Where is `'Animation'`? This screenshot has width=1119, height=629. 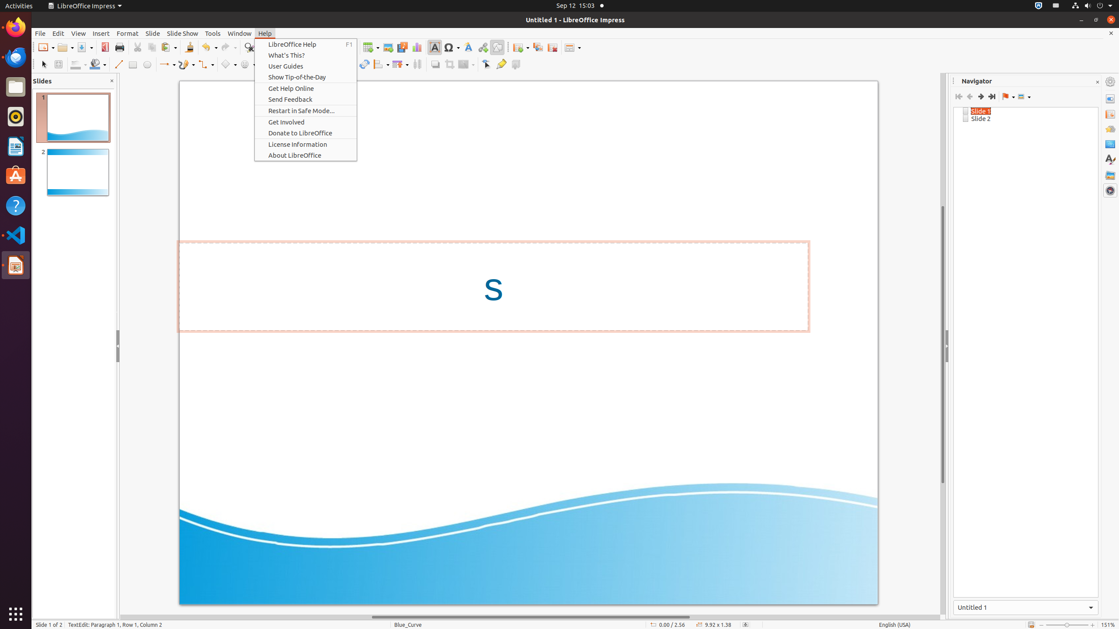 'Animation' is located at coordinates (1110, 129).